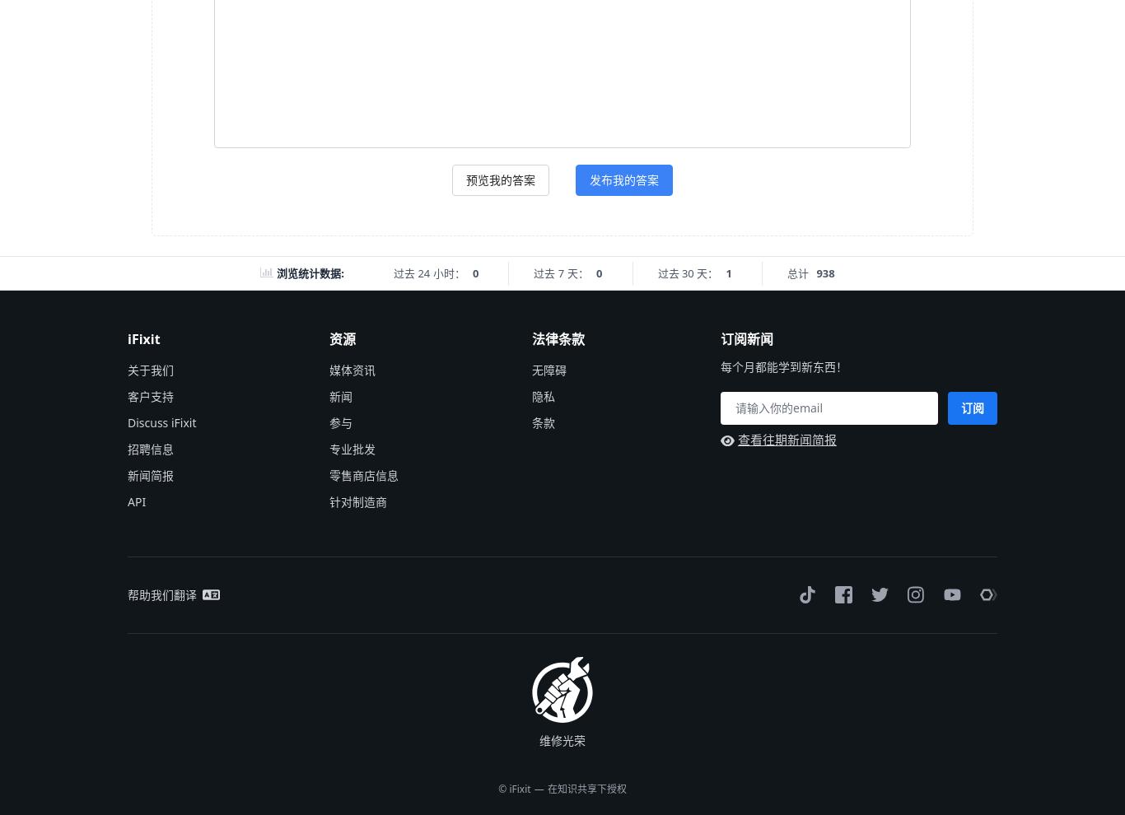 This screenshot has height=815, width=1125. Describe the element at coordinates (142, 338) in the screenshot. I see `'iFixit'` at that location.